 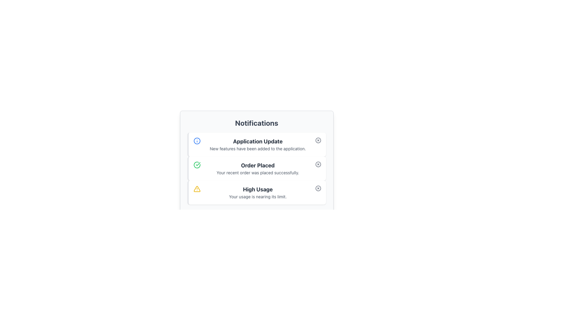 I want to click on the close button styled as an icon located in the top-right corner of the 'Application Update' notification card, so click(x=318, y=140).